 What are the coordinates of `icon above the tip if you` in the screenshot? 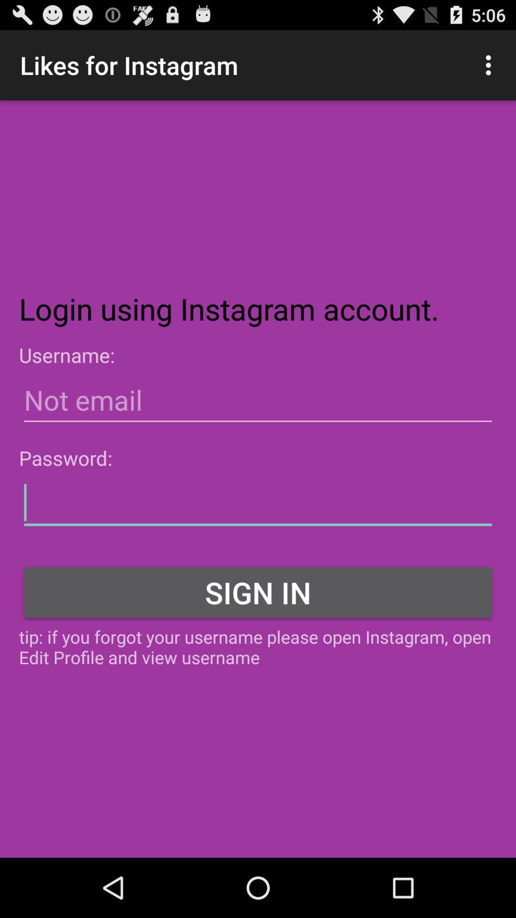 It's located at (258, 591).